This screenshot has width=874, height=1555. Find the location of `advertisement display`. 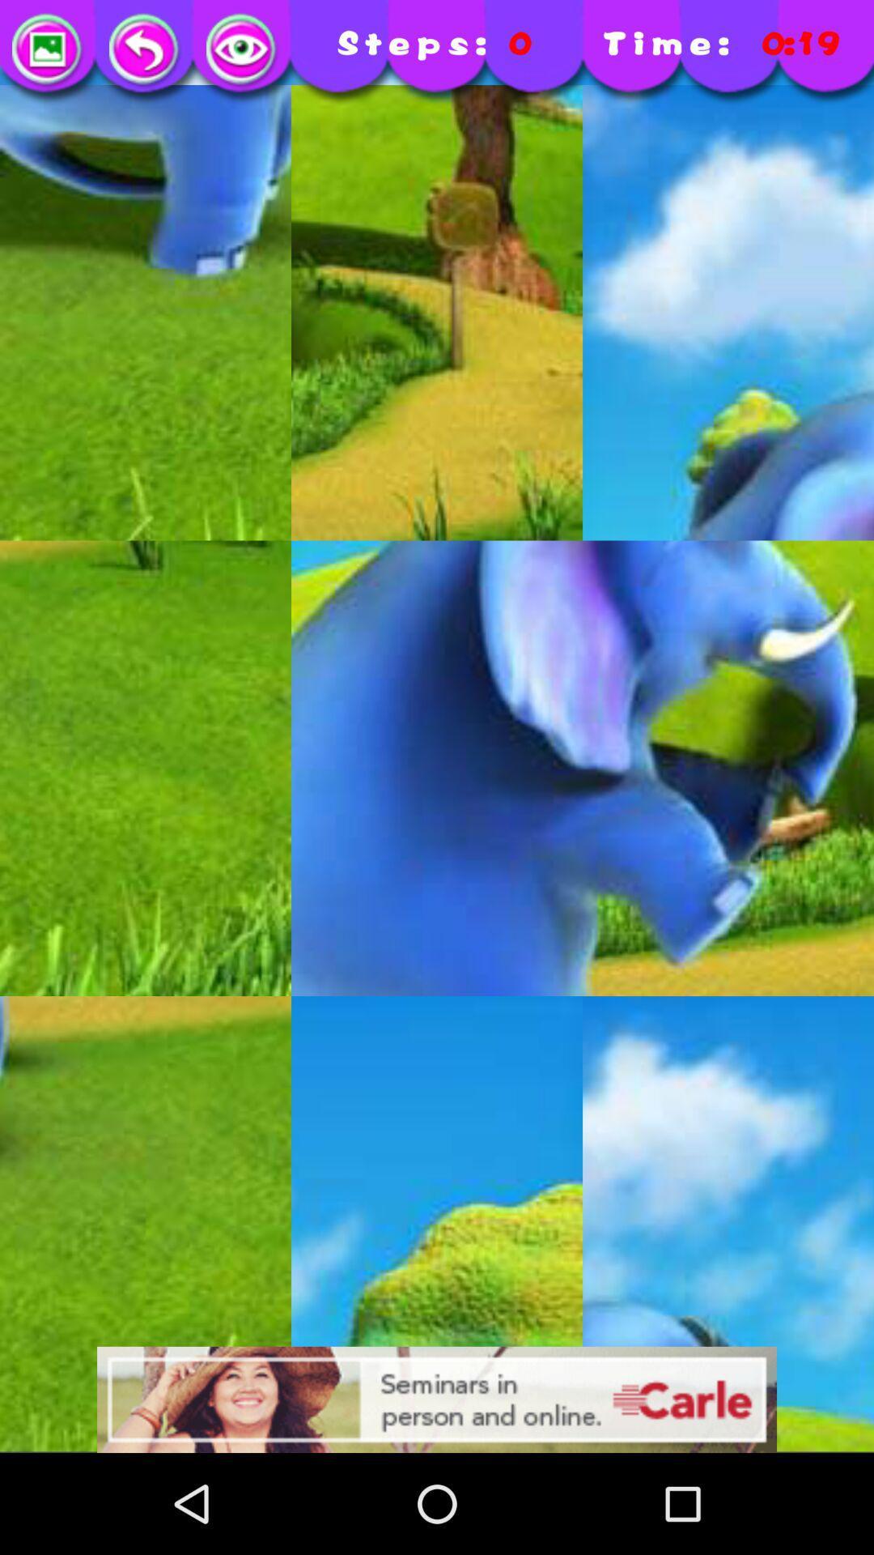

advertisement display is located at coordinates (437, 1399).